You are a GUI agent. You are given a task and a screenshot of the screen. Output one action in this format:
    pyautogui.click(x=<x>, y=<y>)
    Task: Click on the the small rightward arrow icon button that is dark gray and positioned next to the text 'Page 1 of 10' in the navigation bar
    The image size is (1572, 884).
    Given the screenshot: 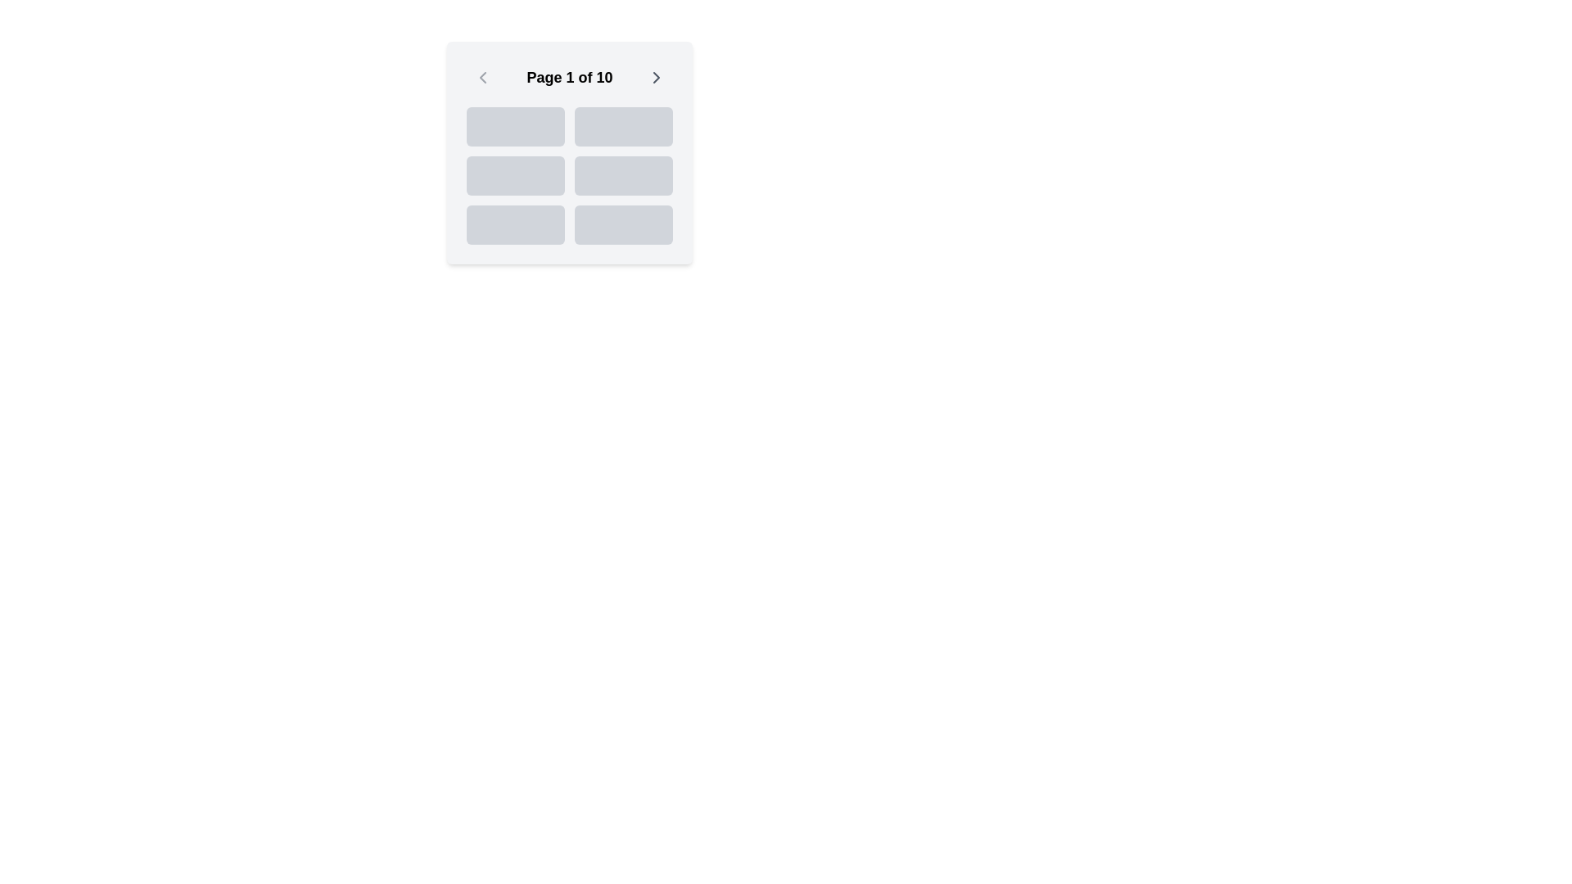 What is the action you would take?
    pyautogui.click(x=656, y=78)
    